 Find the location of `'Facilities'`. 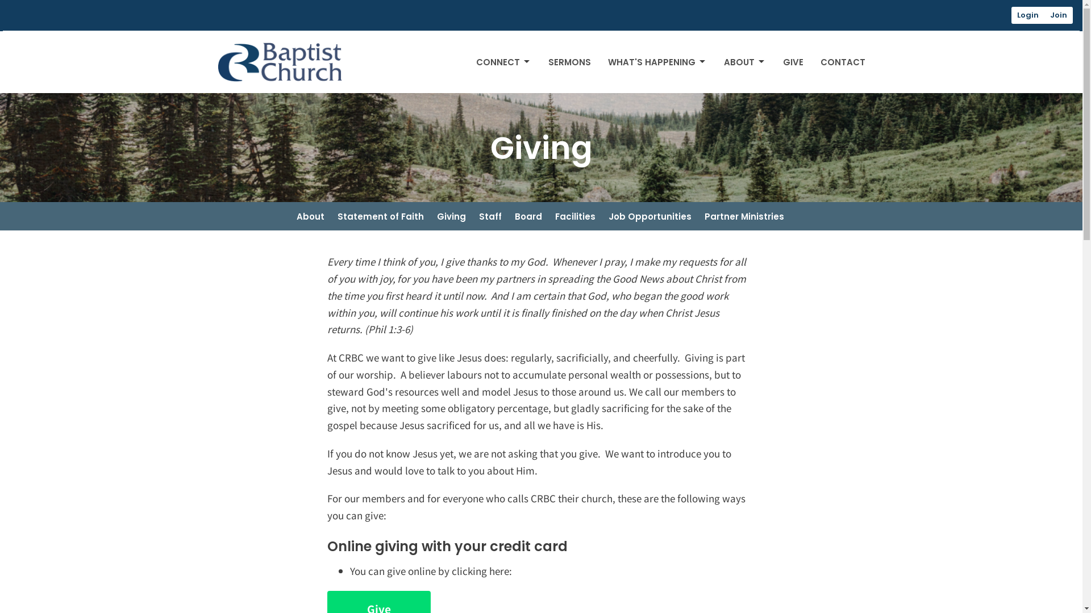

'Facilities' is located at coordinates (574, 216).